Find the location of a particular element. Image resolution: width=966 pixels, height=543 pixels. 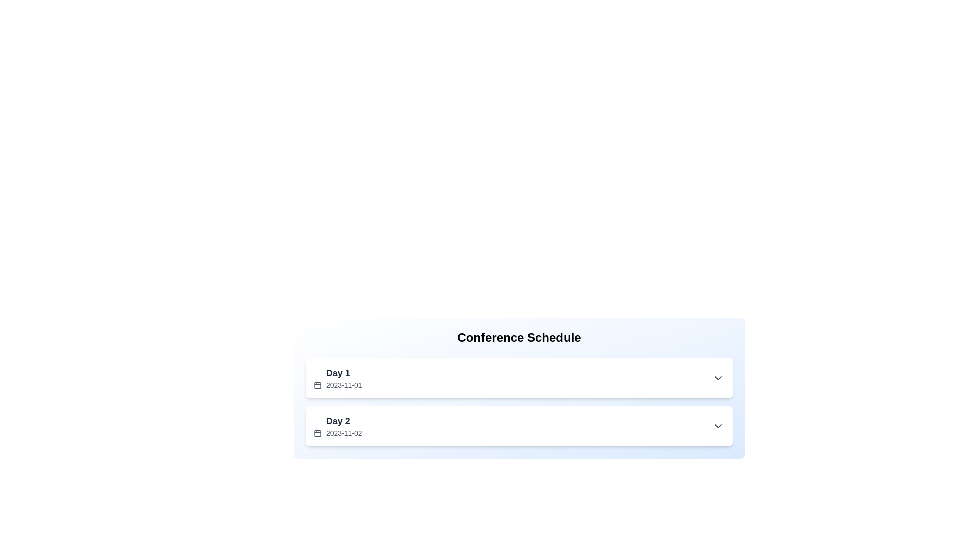

the calendar icon that visually represents a date, which is positioned to the left of the text '2023-11-01' under the section labeled 'Day 1' is located at coordinates (317, 385).